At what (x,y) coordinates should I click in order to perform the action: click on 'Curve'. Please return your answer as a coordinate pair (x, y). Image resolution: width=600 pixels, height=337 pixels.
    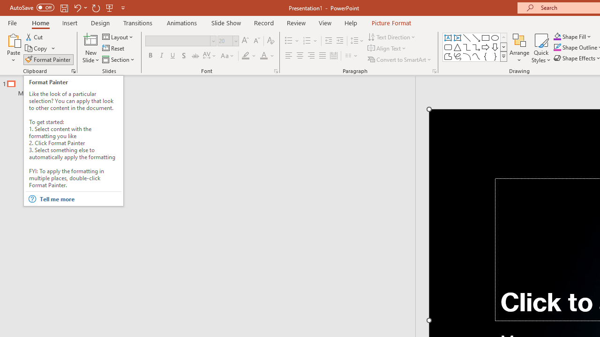
    Looking at the image, I should click on (476, 56).